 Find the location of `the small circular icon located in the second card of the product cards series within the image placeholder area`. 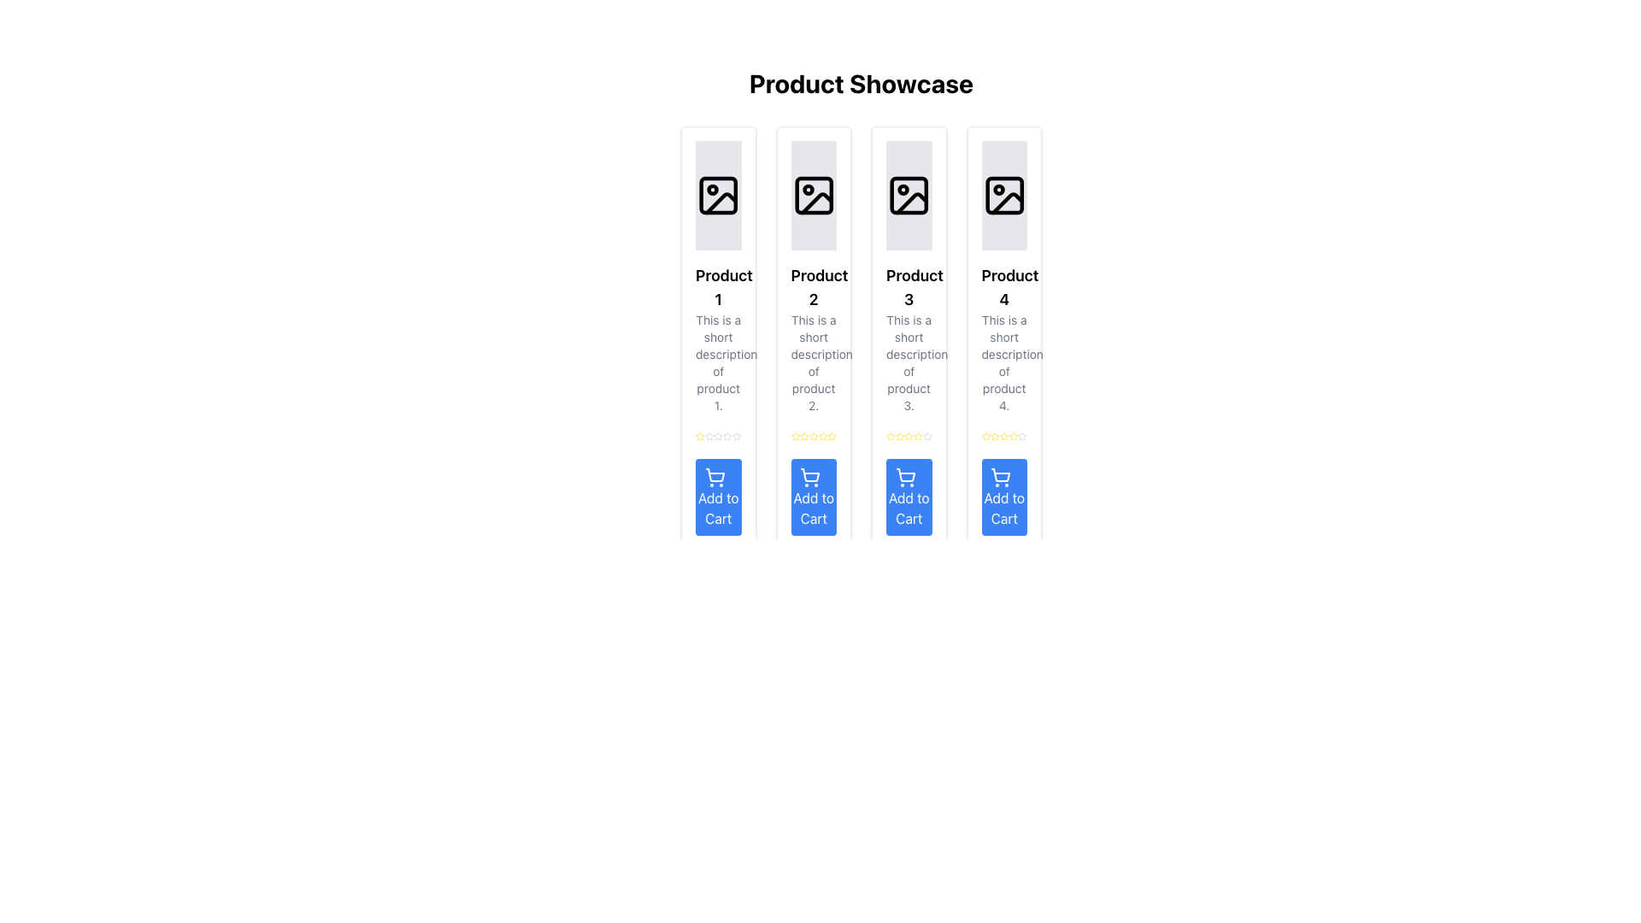

the small circular icon located in the second card of the product cards series within the image placeholder area is located at coordinates (807, 190).